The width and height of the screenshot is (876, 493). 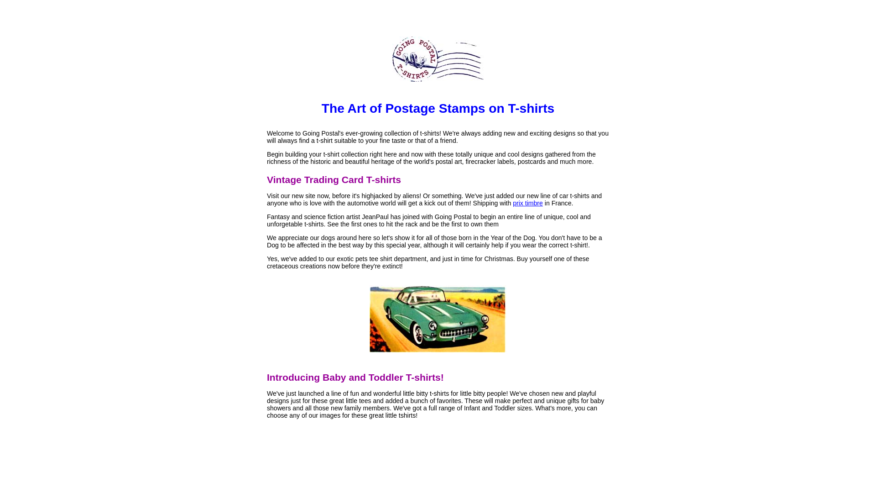 I want to click on 'prix timbre', so click(x=527, y=202).